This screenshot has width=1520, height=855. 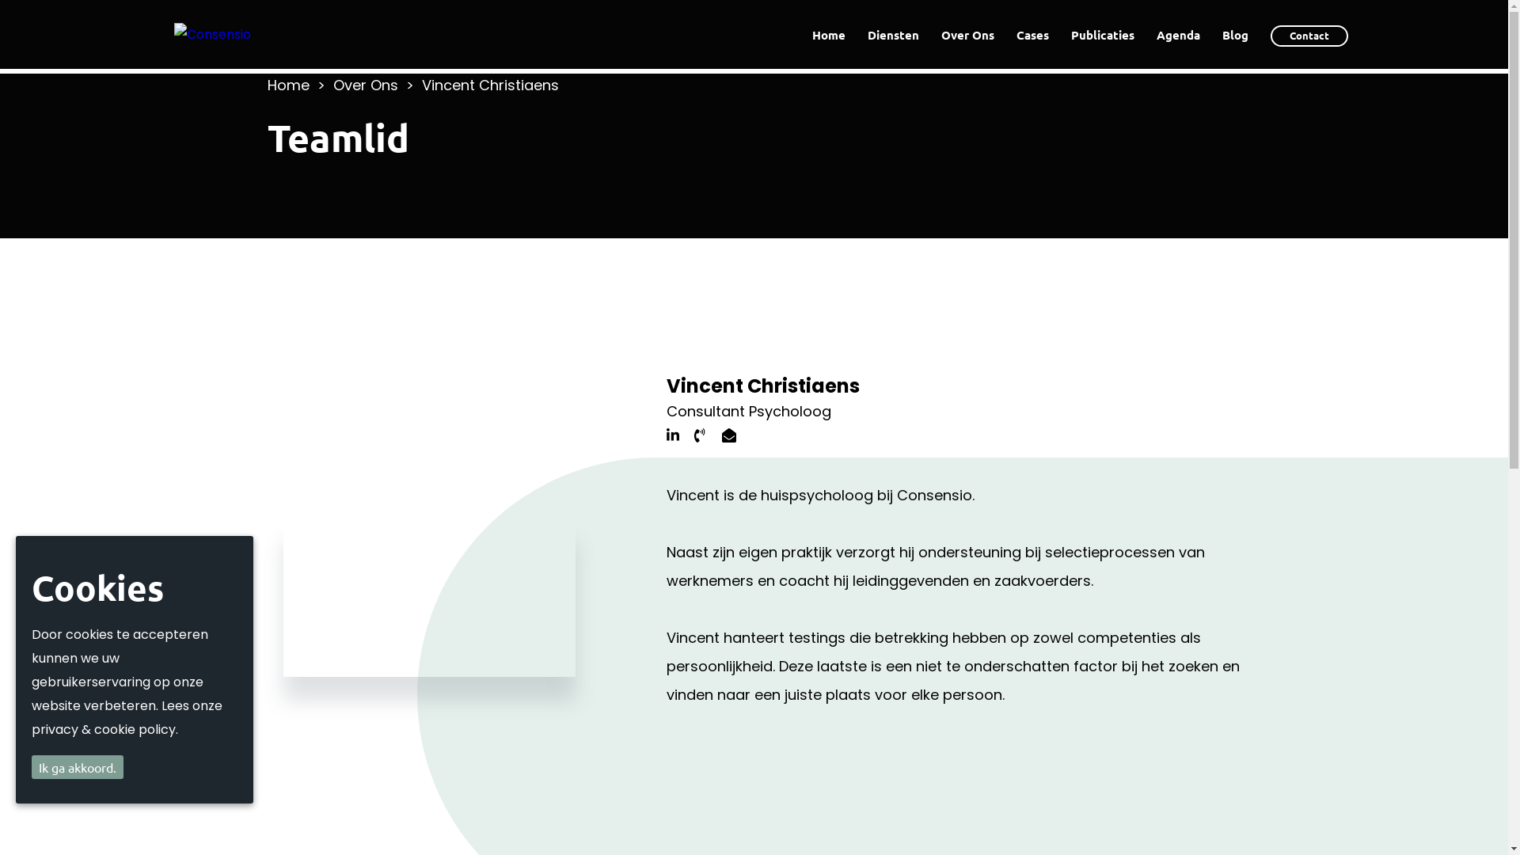 What do you see at coordinates (127, 717) in the screenshot?
I see `'Lees onze privacy & cookie policy.'` at bounding box center [127, 717].